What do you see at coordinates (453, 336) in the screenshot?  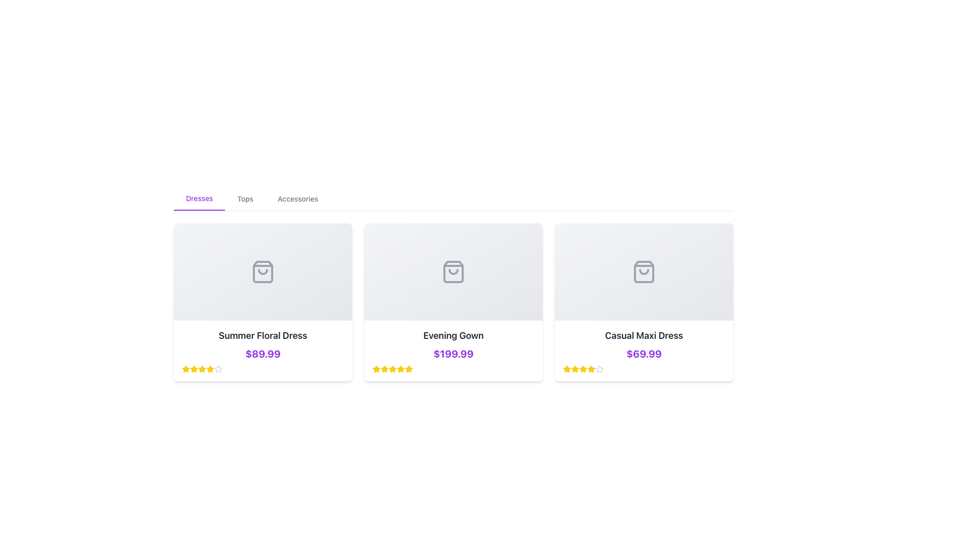 I see `the static text label displaying 'Evening Gown' in bold black font, located in the middle card of a set of three cards, positioned above the price label '$199.99'` at bounding box center [453, 336].